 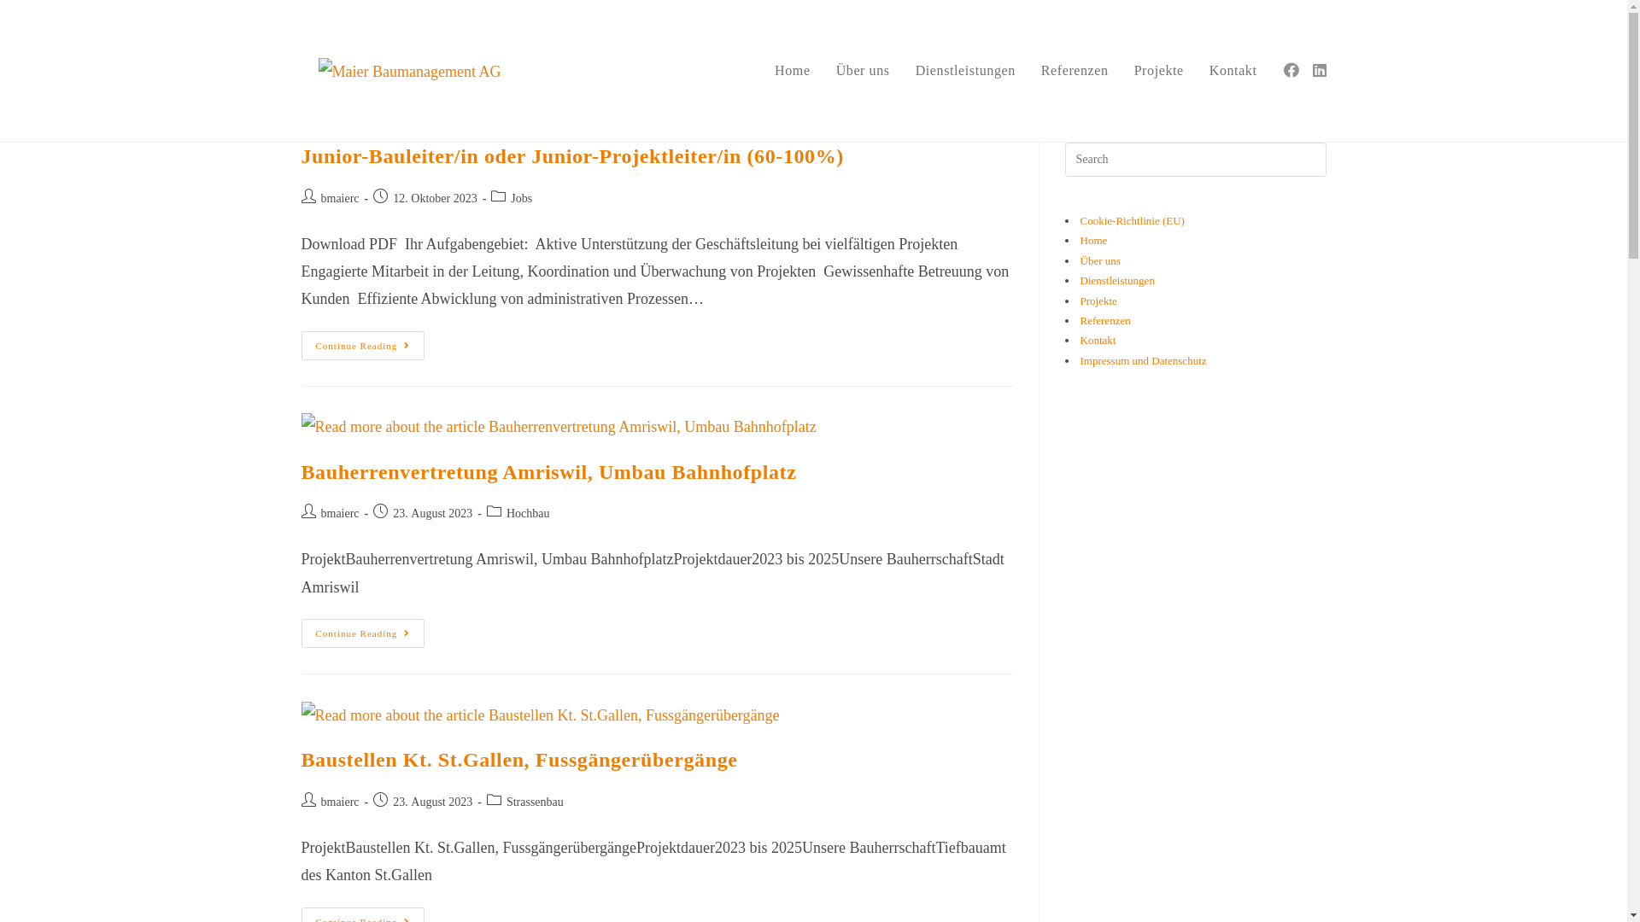 What do you see at coordinates (340, 512) in the screenshot?
I see `'bmaierc'` at bounding box center [340, 512].